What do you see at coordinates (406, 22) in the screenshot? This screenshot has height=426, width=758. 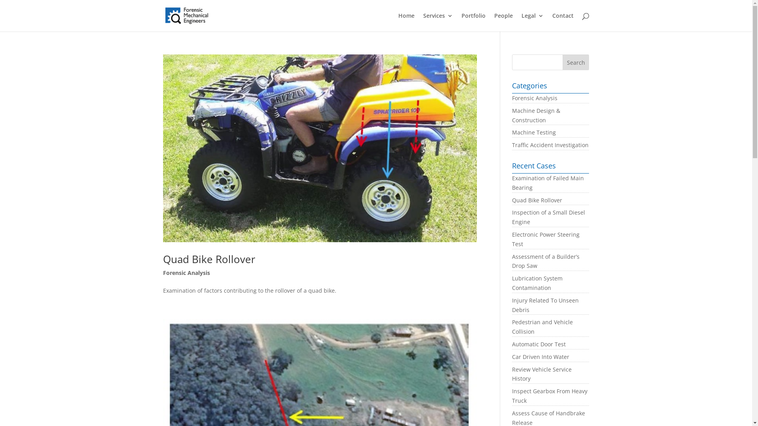 I see `'Home'` at bounding box center [406, 22].